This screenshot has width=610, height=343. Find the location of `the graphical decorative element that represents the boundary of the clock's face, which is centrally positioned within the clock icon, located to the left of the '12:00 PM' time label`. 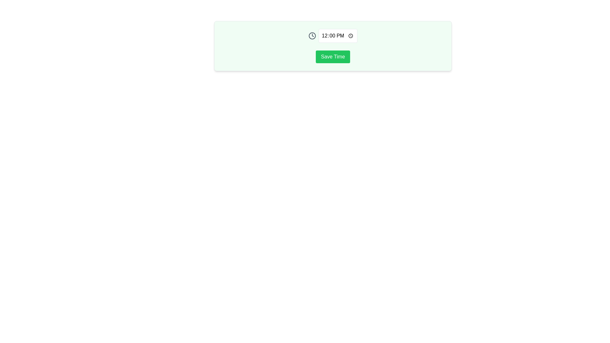

the graphical decorative element that represents the boundary of the clock's face, which is centrally positioned within the clock icon, located to the left of the '12:00 PM' time label is located at coordinates (312, 36).